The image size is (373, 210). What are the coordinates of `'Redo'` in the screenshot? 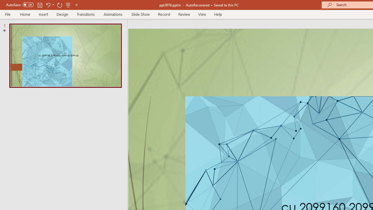 It's located at (59, 5).